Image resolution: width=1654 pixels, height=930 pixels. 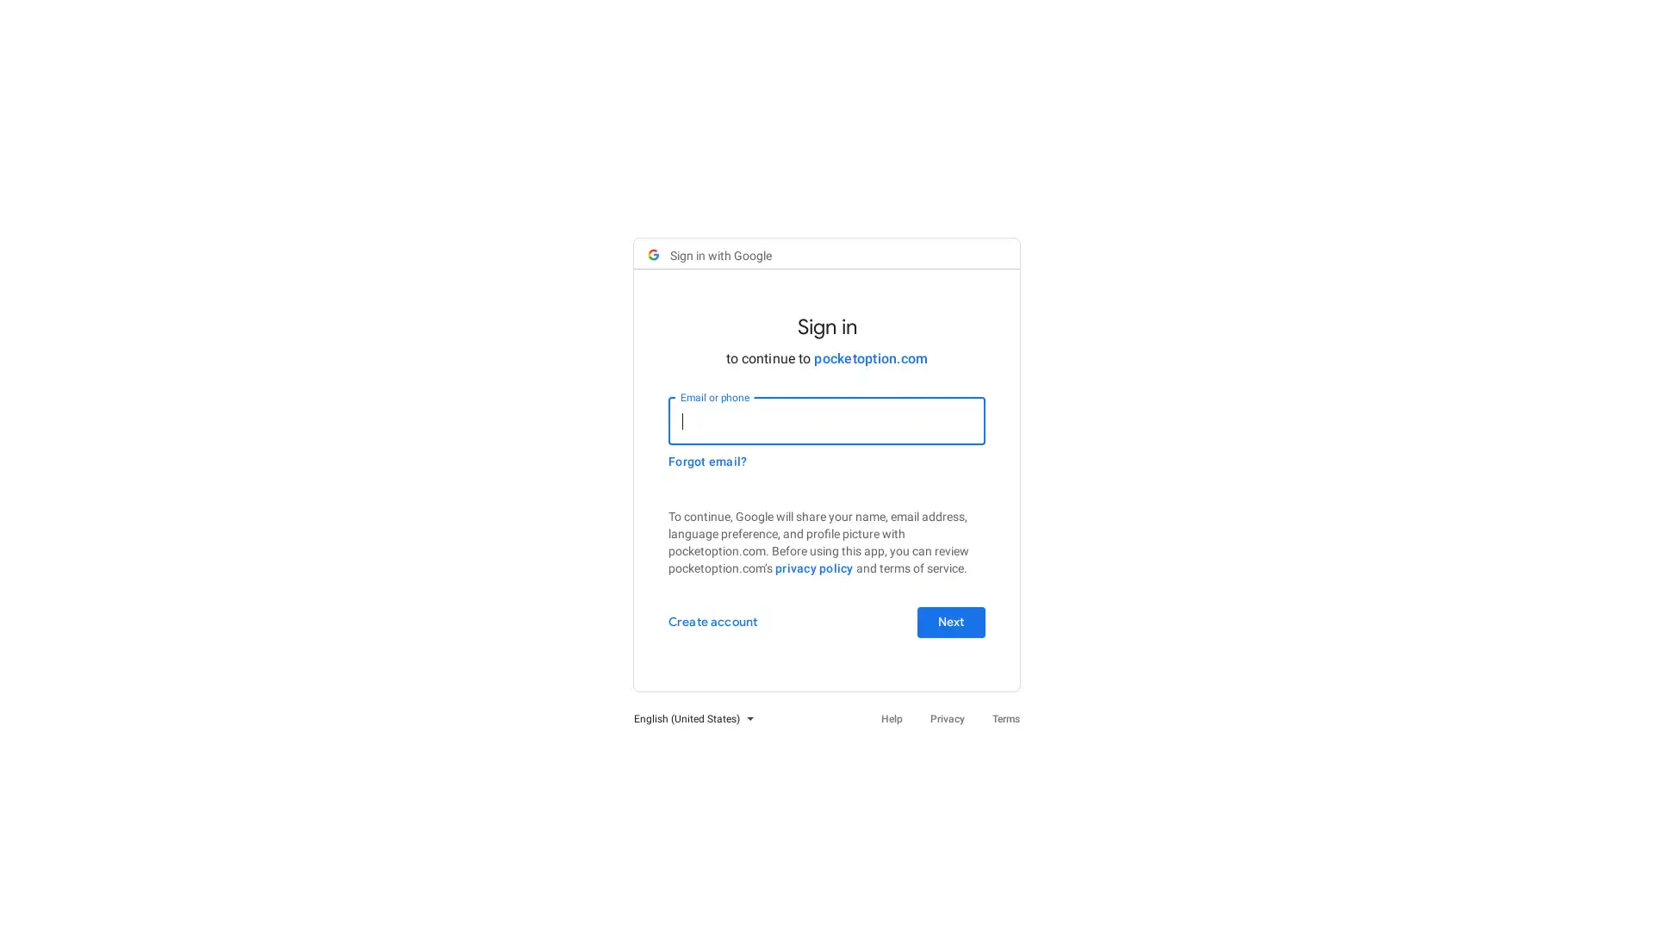 I want to click on Forgot email?, so click(x=707, y=461).